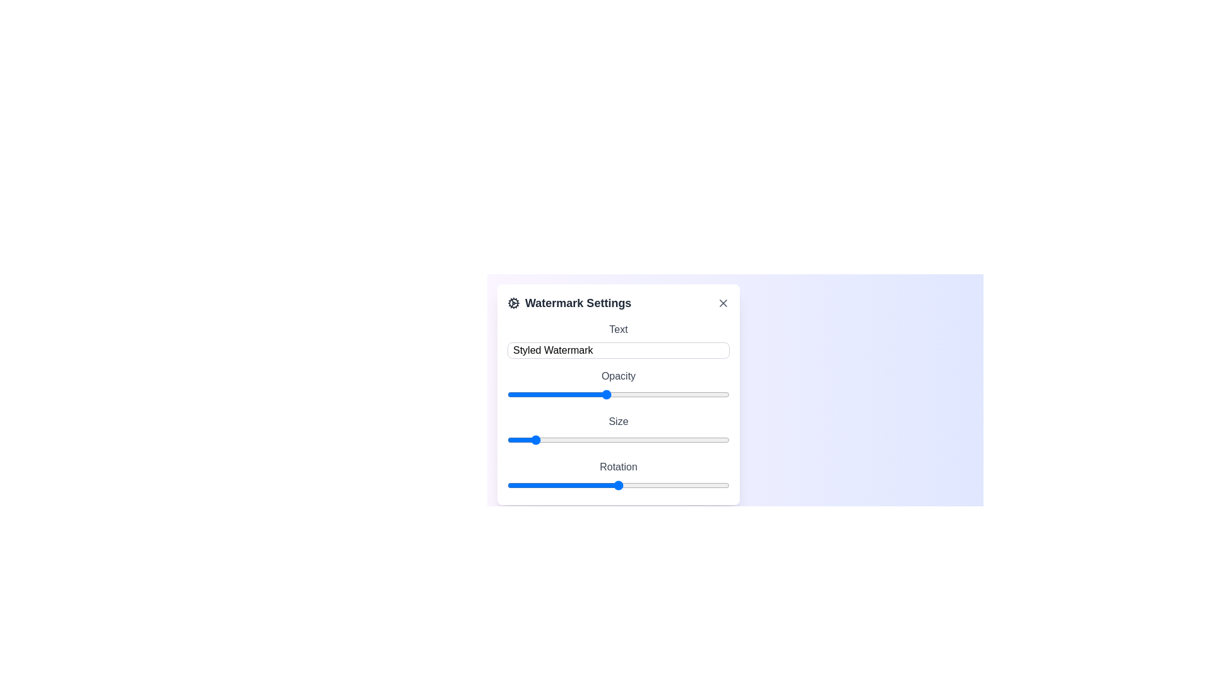  What do you see at coordinates (517, 485) in the screenshot?
I see `rotation` at bounding box center [517, 485].